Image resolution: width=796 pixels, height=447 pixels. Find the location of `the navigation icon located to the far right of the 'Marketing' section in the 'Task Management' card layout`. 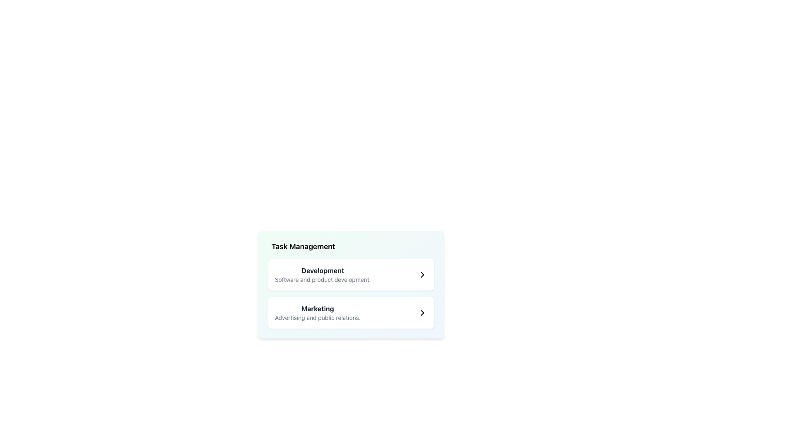

the navigation icon located to the far right of the 'Marketing' section in the 'Task Management' card layout is located at coordinates (422, 313).